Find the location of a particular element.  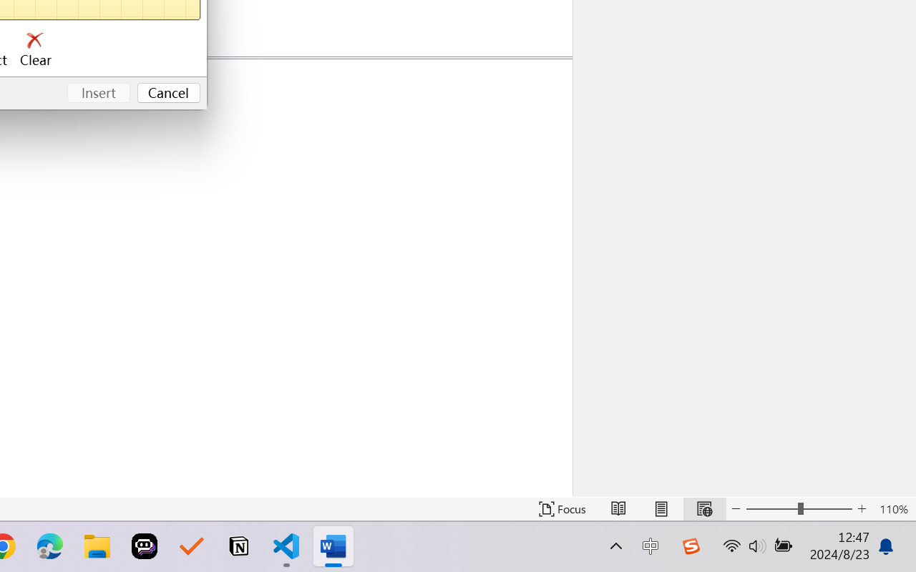

'Clear' is located at coordinates (35, 49).